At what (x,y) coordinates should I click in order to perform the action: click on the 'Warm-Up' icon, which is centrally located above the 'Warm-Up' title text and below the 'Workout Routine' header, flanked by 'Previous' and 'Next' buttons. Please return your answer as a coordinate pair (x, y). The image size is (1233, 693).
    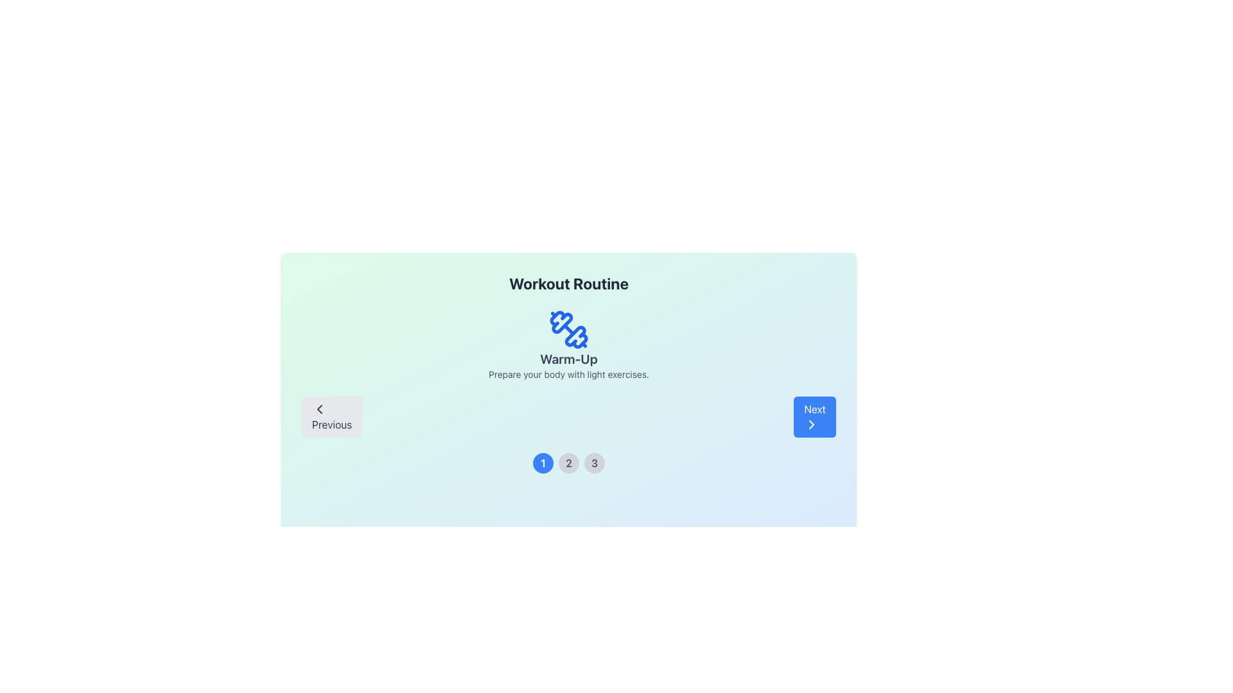
    Looking at the image, I should click on (568, 329).